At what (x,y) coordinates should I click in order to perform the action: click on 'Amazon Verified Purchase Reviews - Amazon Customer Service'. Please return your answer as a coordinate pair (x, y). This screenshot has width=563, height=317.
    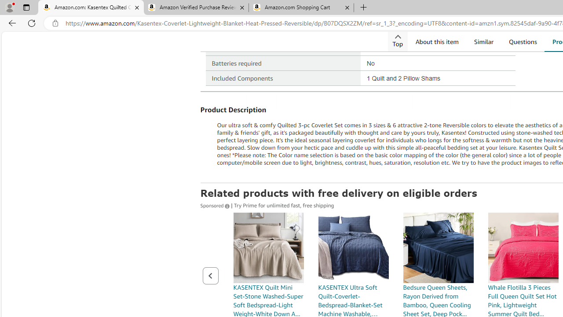
    Looking at the image, I should click on (195, 7).